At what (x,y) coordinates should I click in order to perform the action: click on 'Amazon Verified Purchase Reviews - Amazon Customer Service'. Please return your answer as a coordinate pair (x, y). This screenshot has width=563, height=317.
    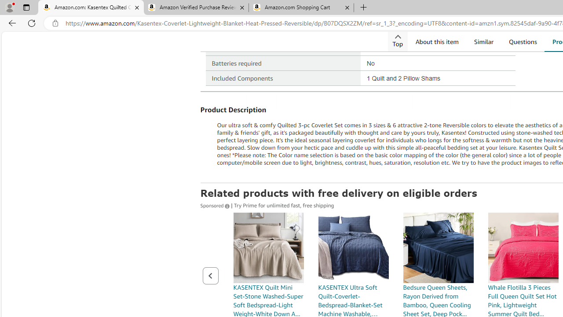
    Looking at the image, I should click on (195, 7).